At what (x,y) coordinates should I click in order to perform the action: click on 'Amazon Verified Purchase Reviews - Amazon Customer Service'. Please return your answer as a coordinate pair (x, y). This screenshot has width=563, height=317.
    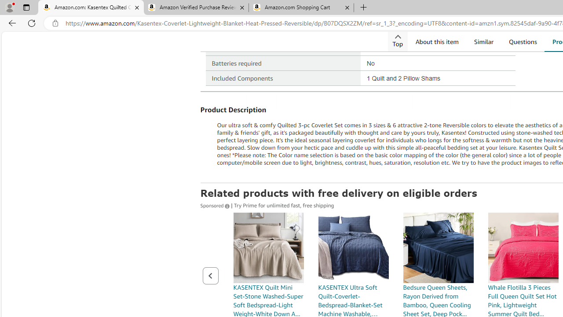
    Looking at the image, I should click on (195, 7).